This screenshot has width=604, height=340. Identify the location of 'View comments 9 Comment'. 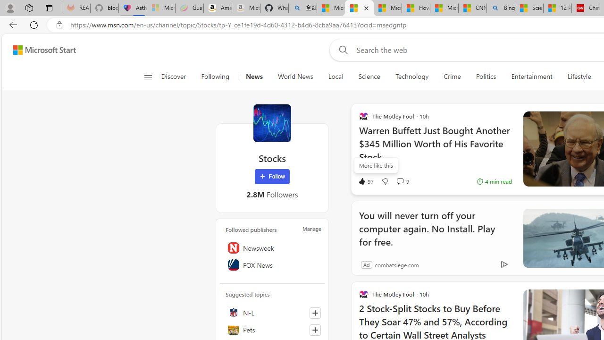
(400, 181).